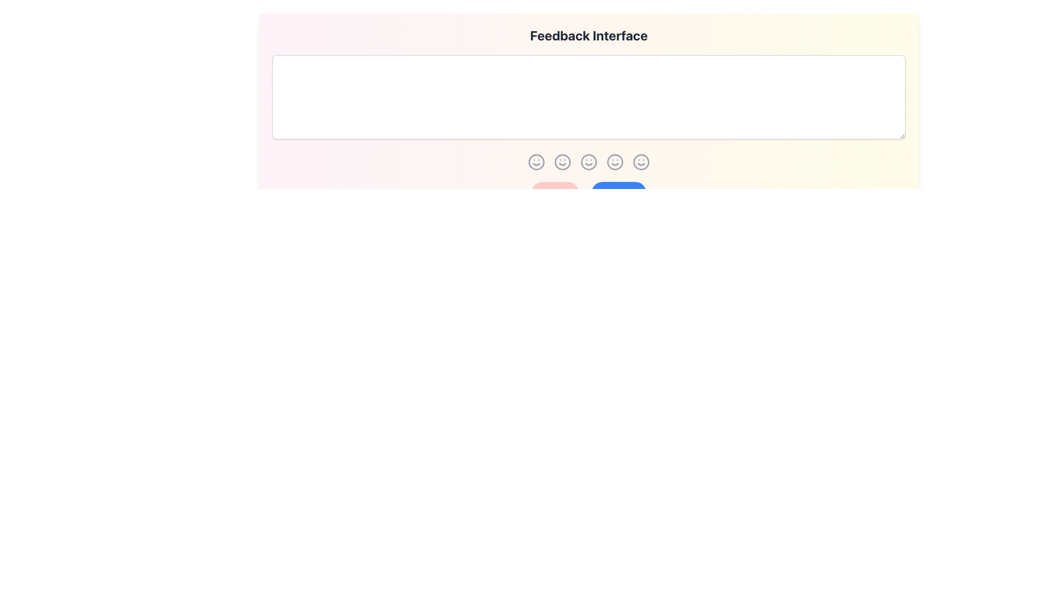  What do you see at coordinates (641, 162) in the screenshot?
I see `the circular smiley face icon located at the rightmost point in the row of feedback icons` at bounding box center [641, 162].